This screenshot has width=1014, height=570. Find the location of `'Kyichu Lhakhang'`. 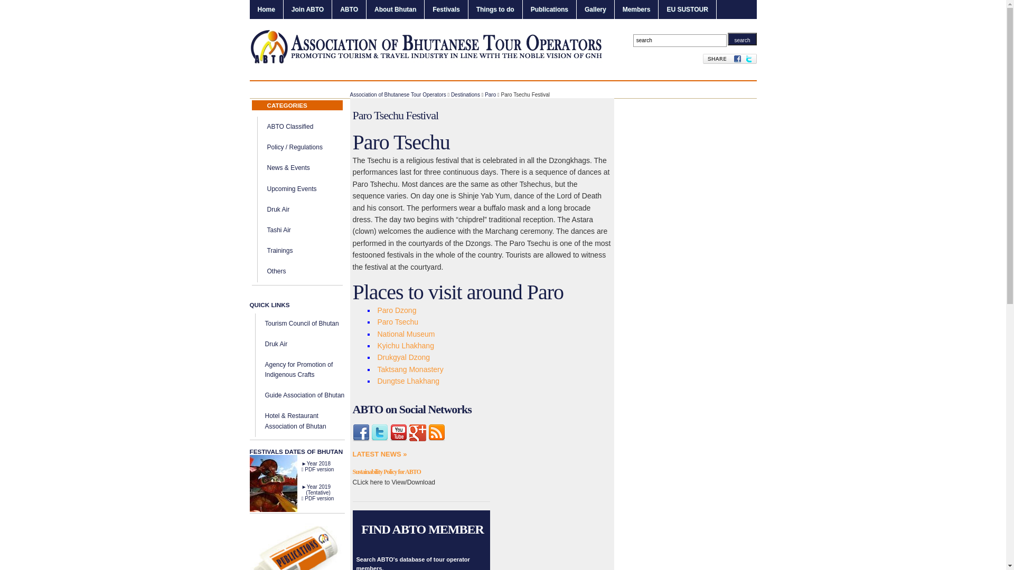

'Kyichu Lhakhang' is located at coordinates (405, 346).